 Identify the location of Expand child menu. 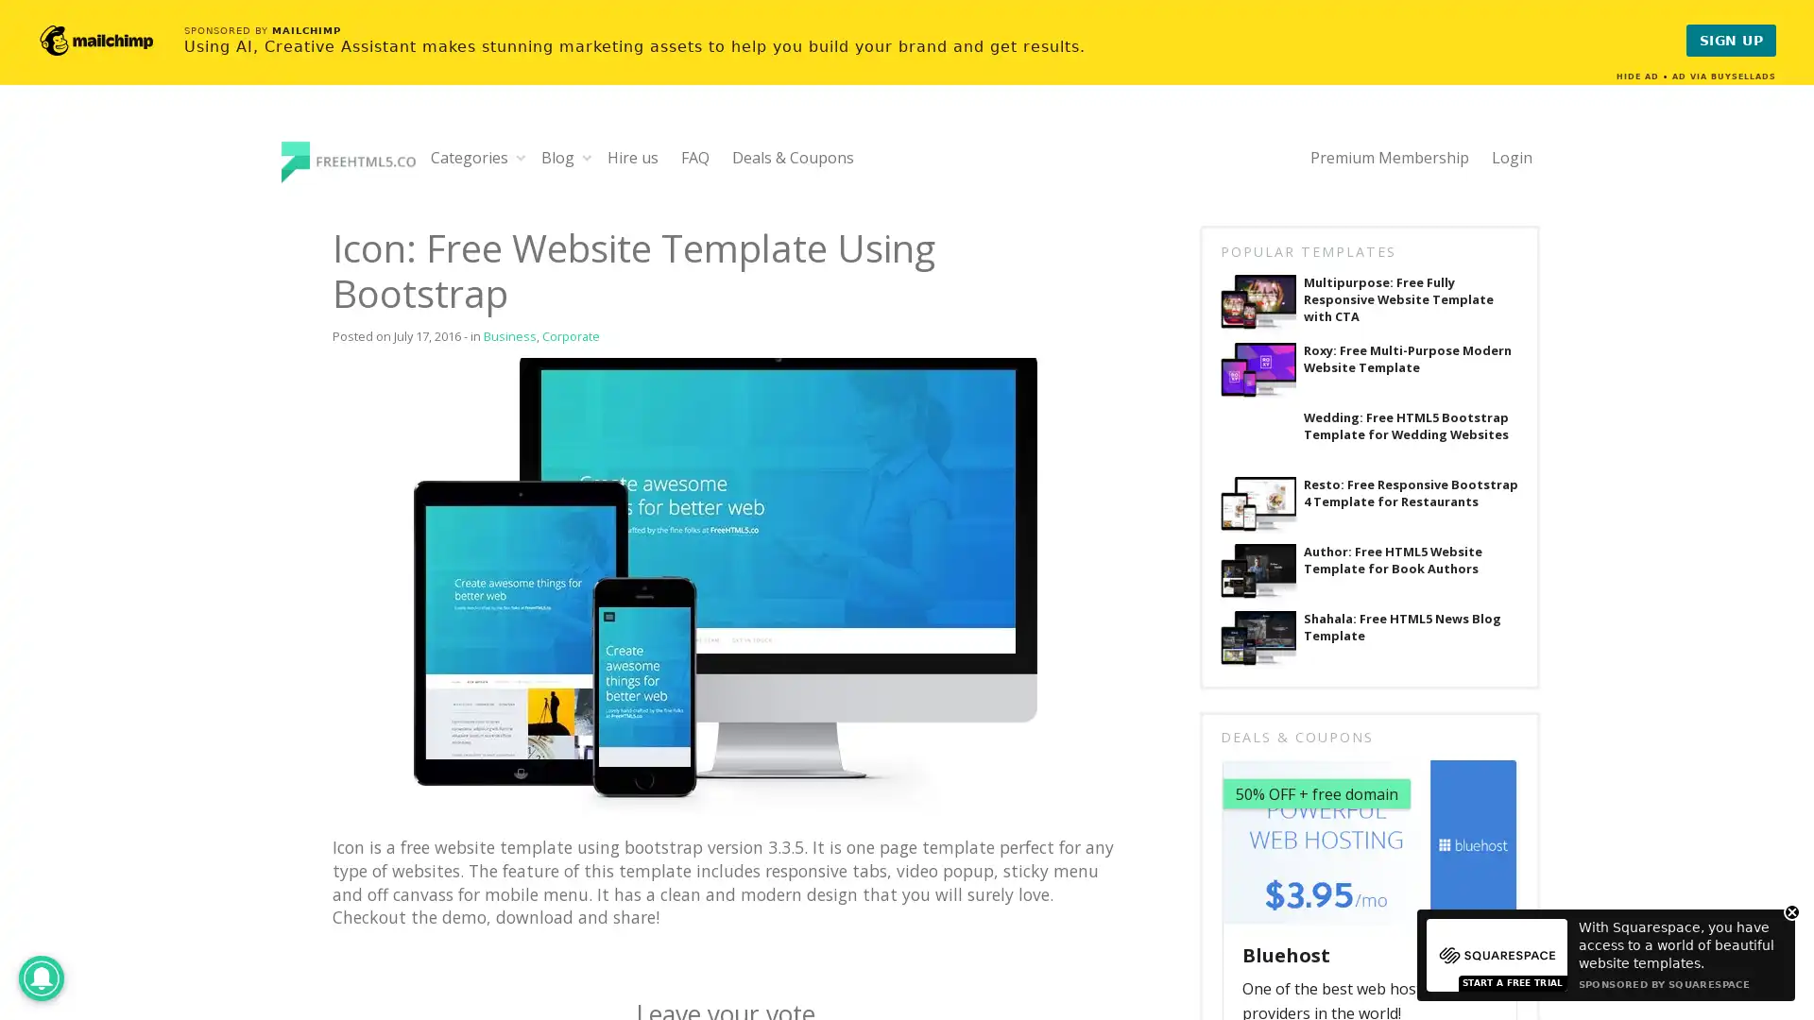
(521, 156).